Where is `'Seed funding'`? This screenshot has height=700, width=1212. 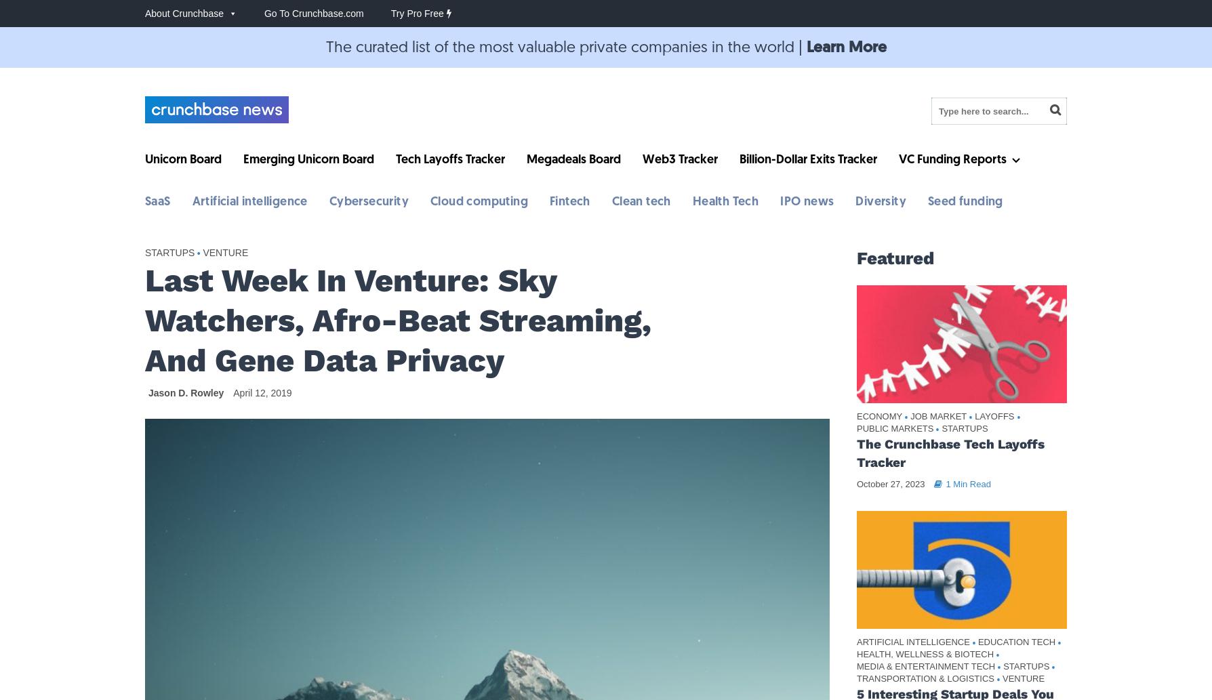 'Seed funding' is located at coordinates (965, 201).